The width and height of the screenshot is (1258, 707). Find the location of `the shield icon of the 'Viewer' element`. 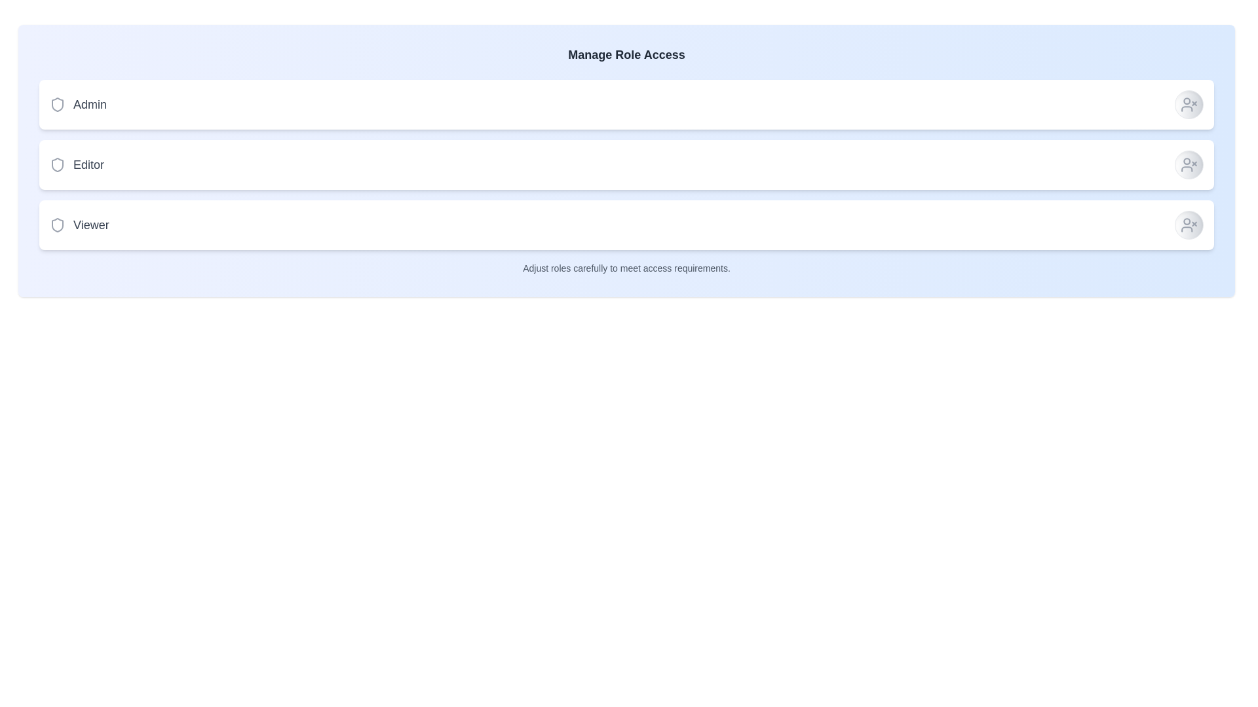

the shield icon of the 'Viewer' element is located at coordinates (79, 224).